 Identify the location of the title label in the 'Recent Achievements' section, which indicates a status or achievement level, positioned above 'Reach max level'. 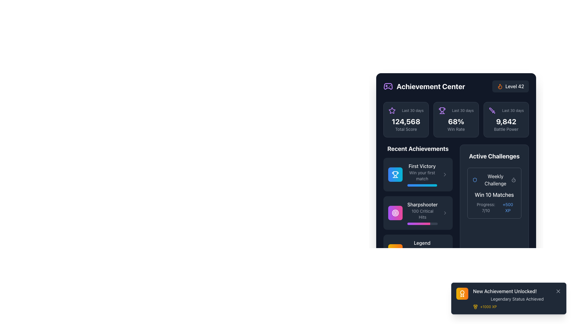
(422, 243).